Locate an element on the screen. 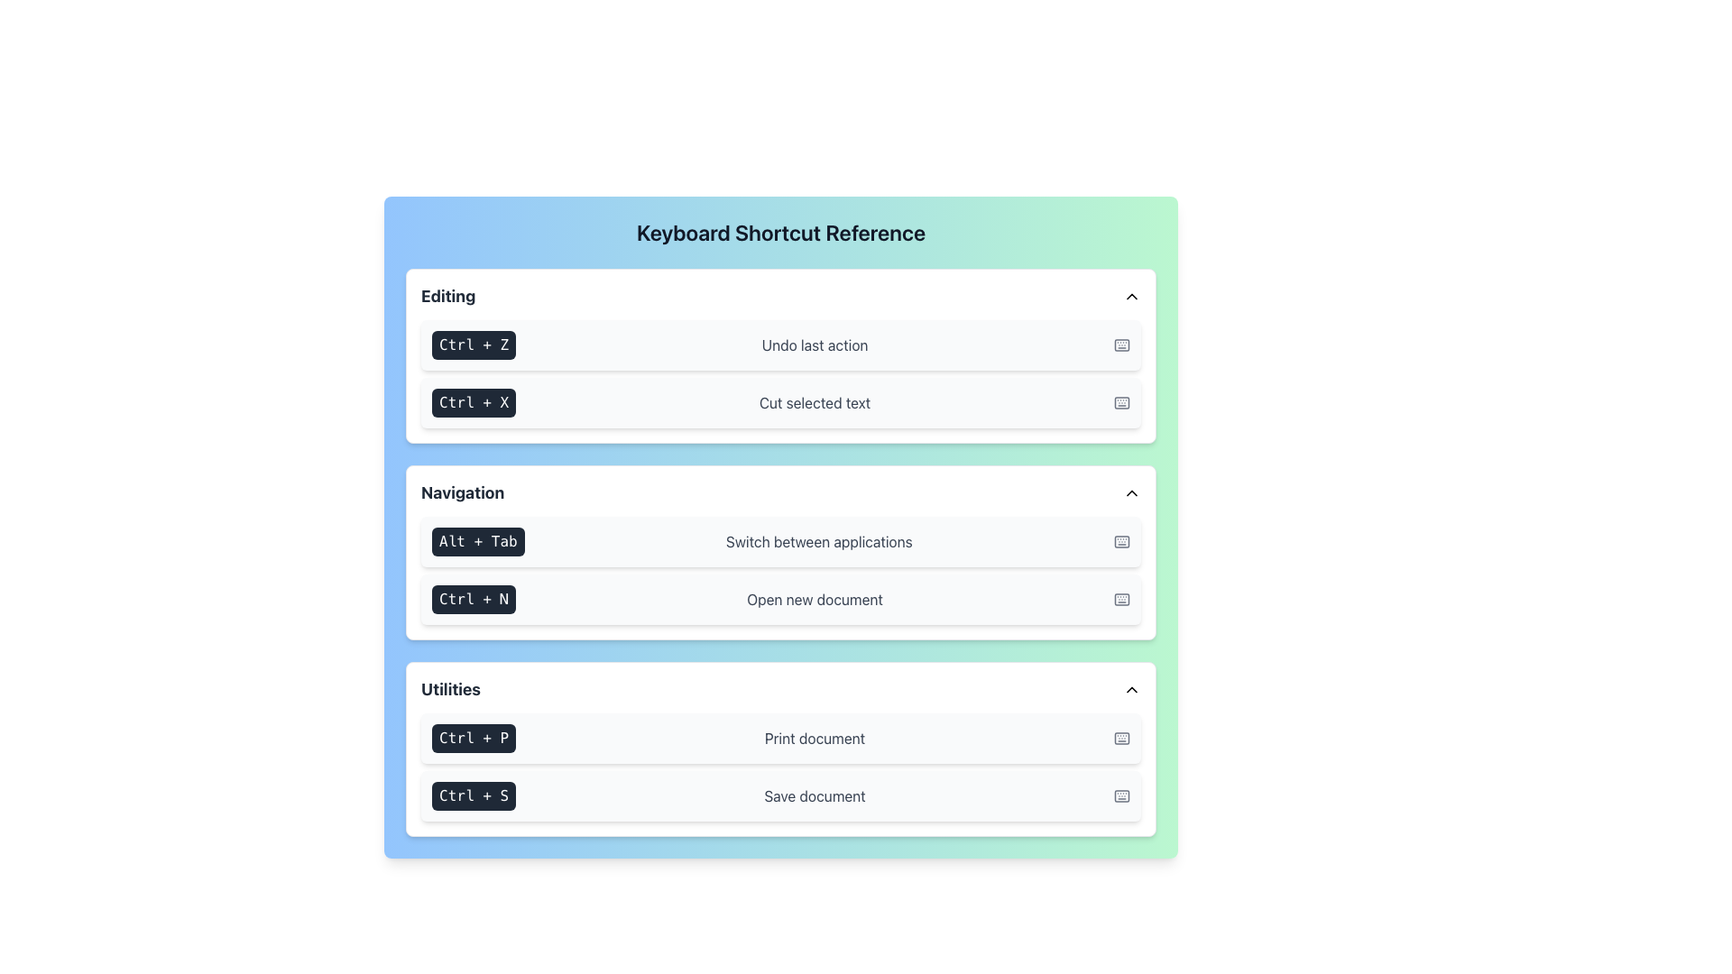 This screenshot has width=1732, height=974. the keyboard icon element located in the middle of the Navigation row under the Keyboard Shortcut Reference section is located at coordinates (1120, 541).